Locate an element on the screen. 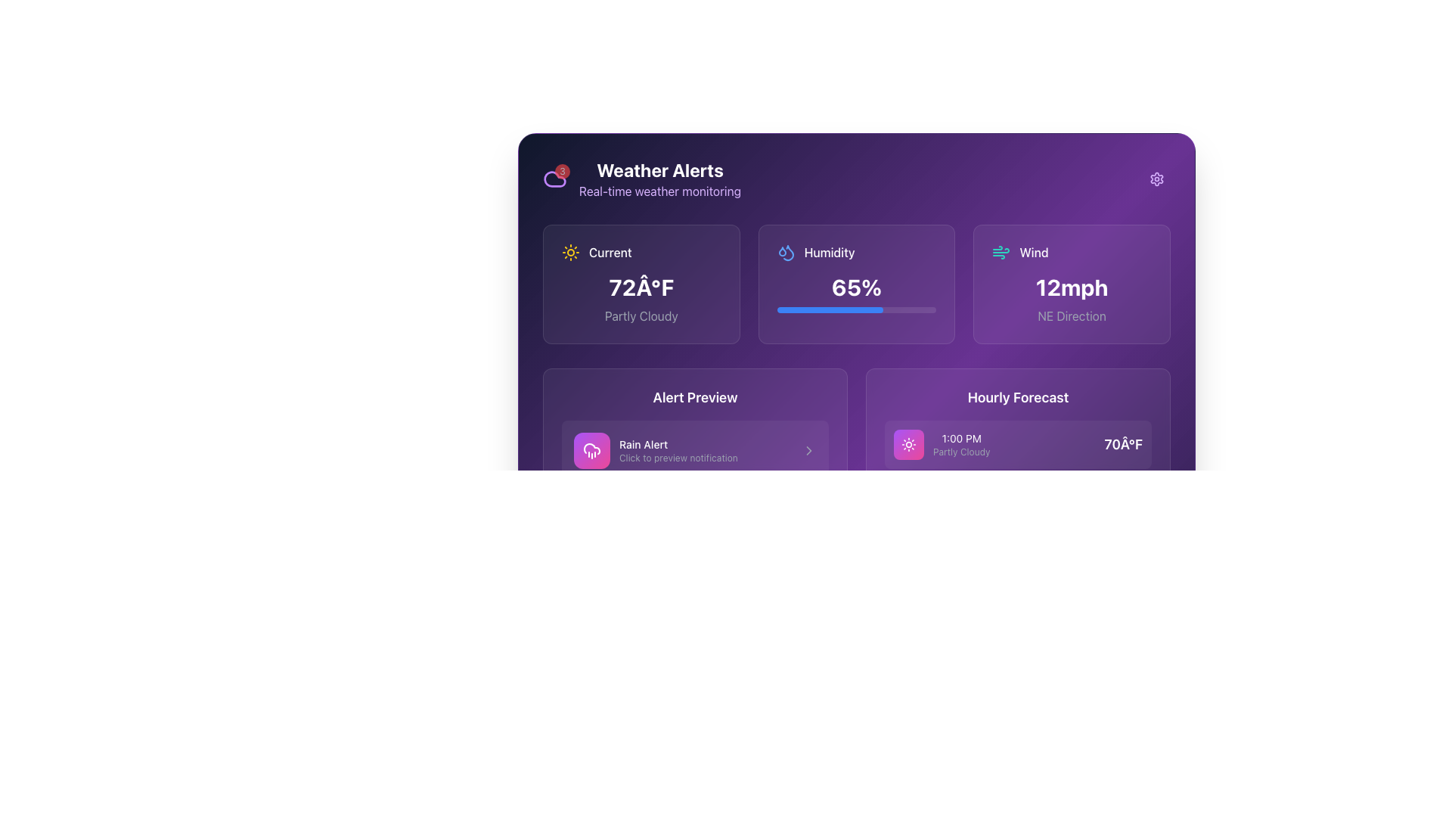 Image resolution: width=1452 pixels, height=817 pixels. the time label '1:00 PM' in white text is located at coordinates (941, 443).